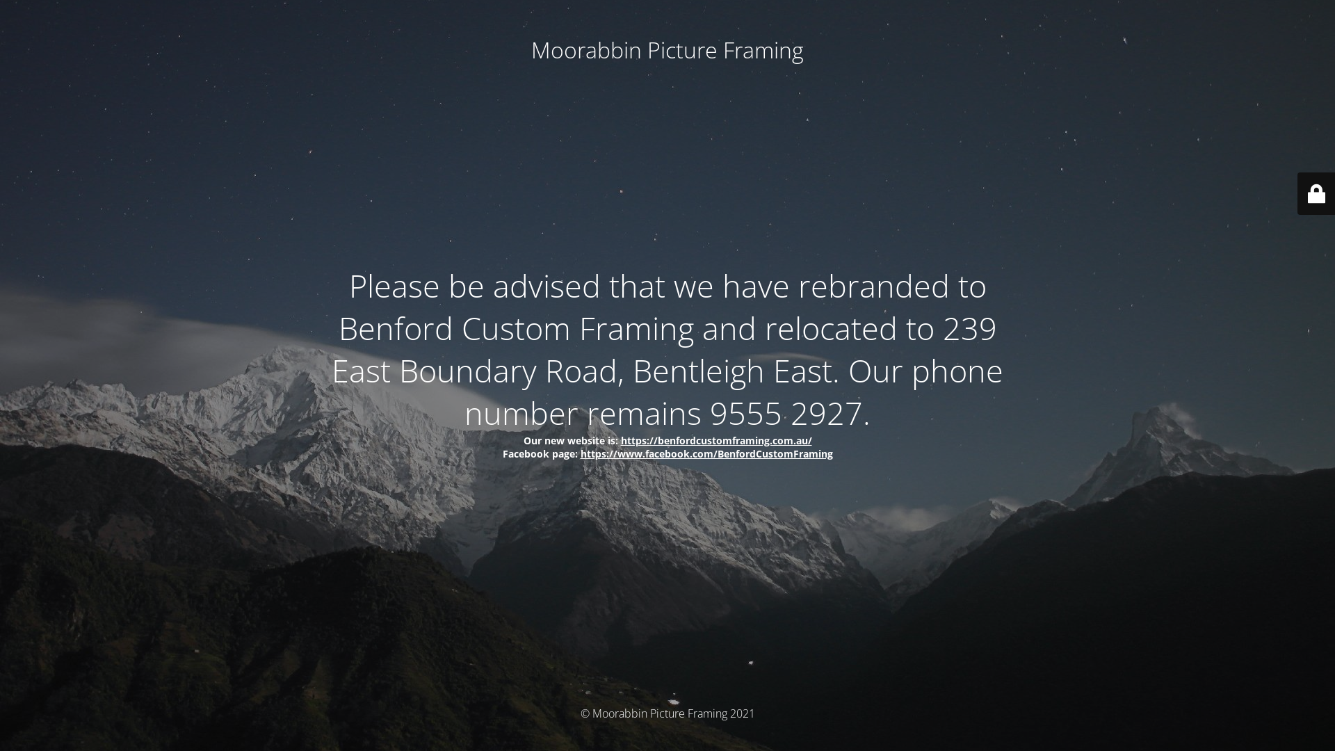 The height and width of the screenshot is (751, 1335). What do you see at coordinates (706, 453) in the screenshot?
I see `'https://www.facebook.com/BenfordCustomFraming'` at bounding box center [706, 453].